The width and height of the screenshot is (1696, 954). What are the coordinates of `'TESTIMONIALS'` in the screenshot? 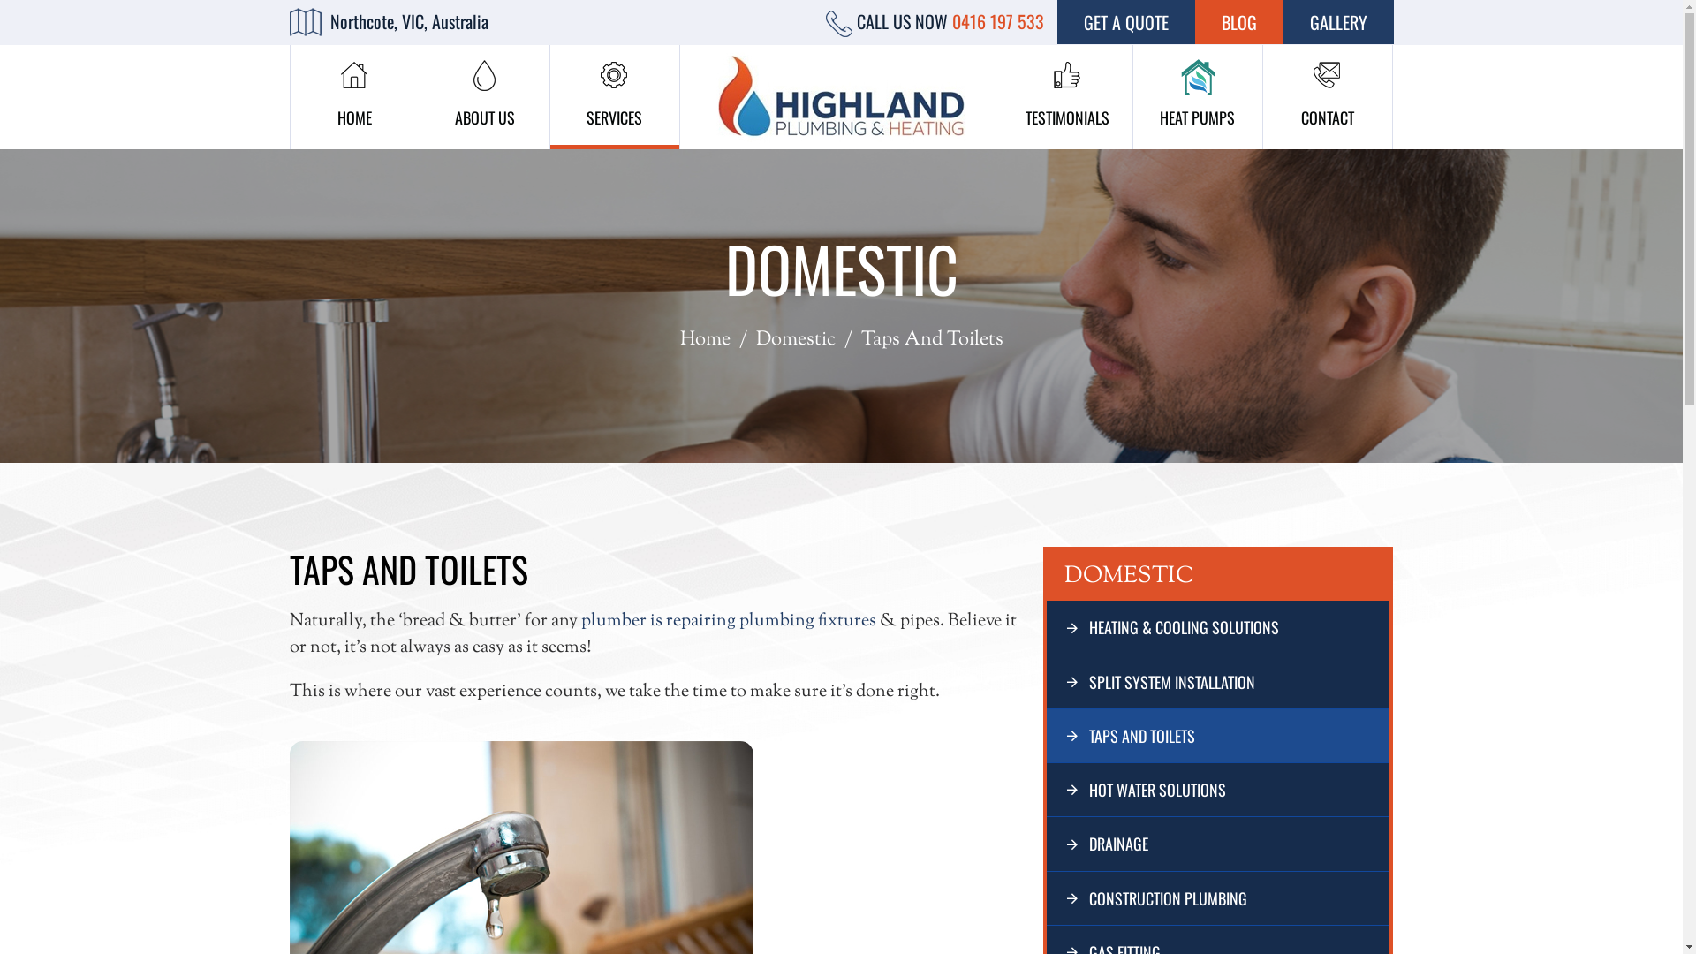 It's located at (1067, 97).